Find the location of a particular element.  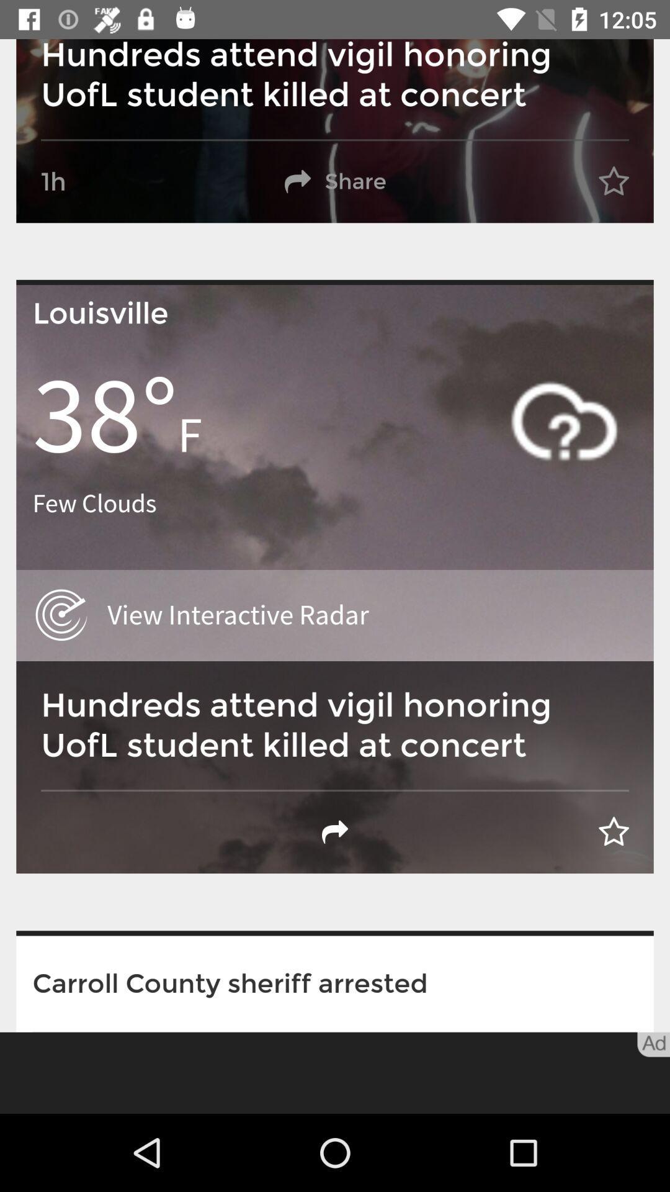

the entity ad shown at the bottom right corner is located at coordinates (653, 1044).